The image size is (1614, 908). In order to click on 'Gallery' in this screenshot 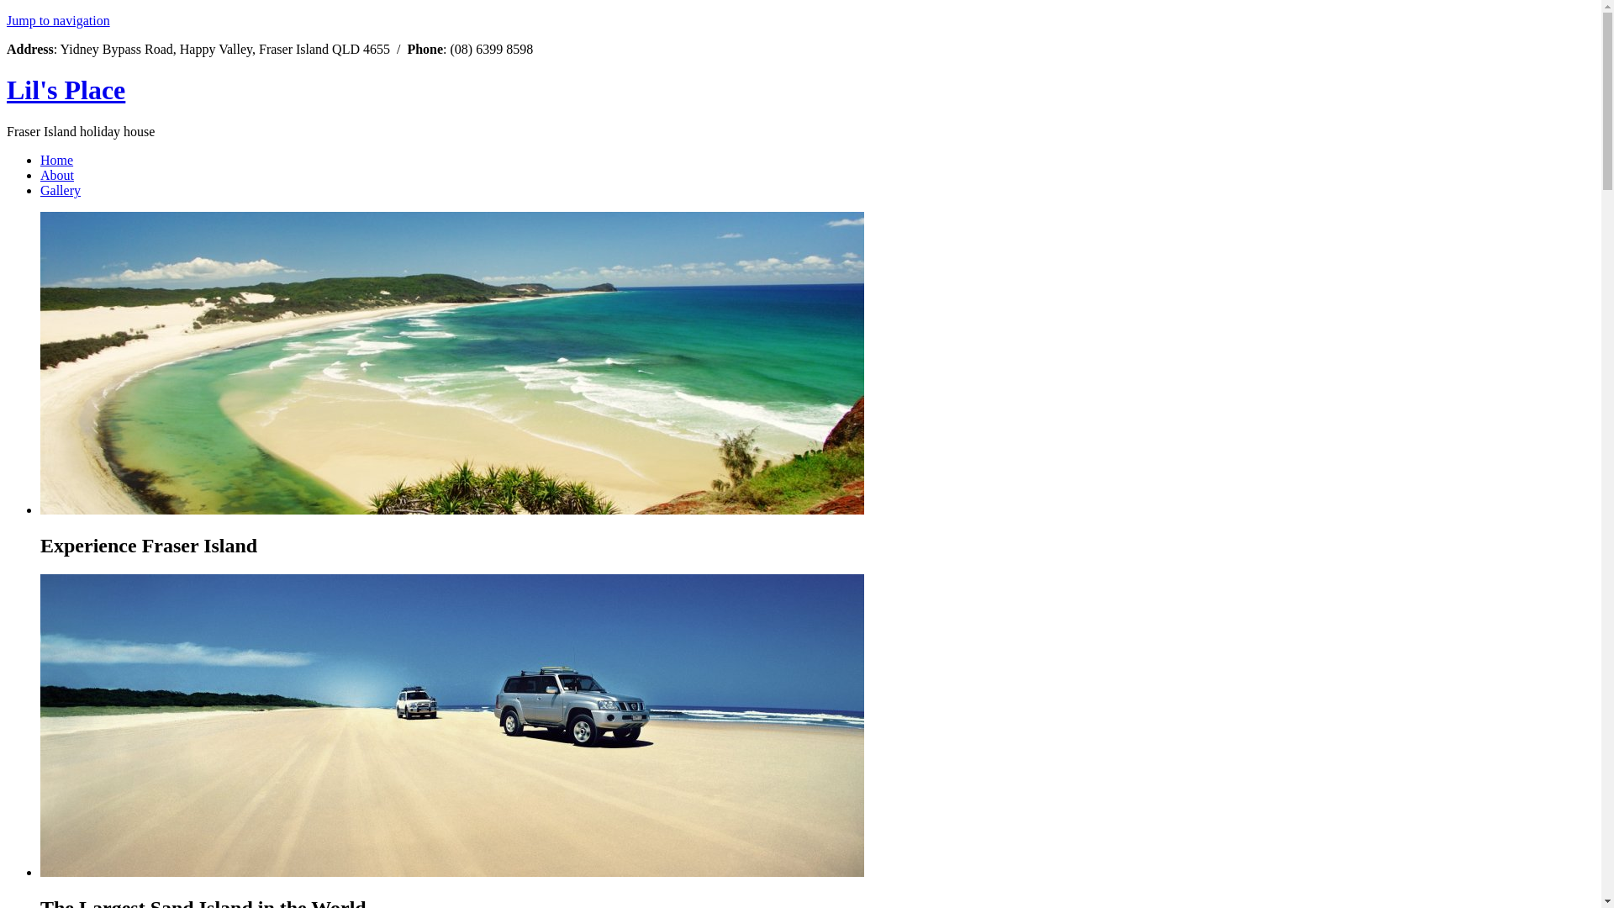, I will do `click(61, 189)`.